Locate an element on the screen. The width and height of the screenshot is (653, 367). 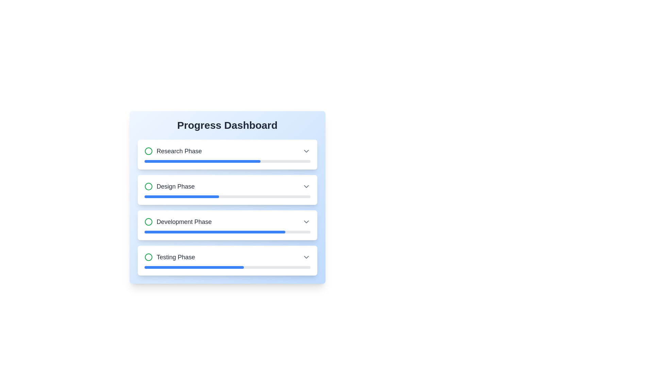
the Dropdown toggle button located at the far right of the 'Development Phase' section header to trigger stylistic changes is located at coordinates (306, 222).